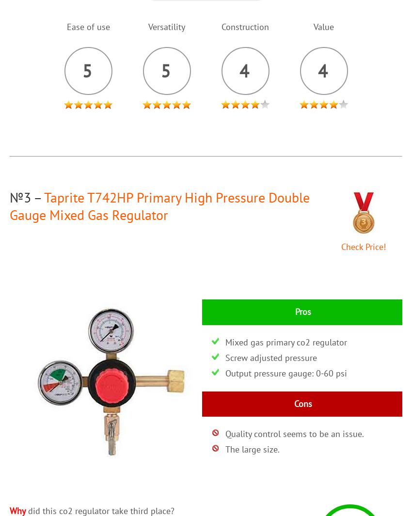 Image resolution: width=412 pixels, height=516 pixels. I want to click on 'Versatility', so click(148, 26).